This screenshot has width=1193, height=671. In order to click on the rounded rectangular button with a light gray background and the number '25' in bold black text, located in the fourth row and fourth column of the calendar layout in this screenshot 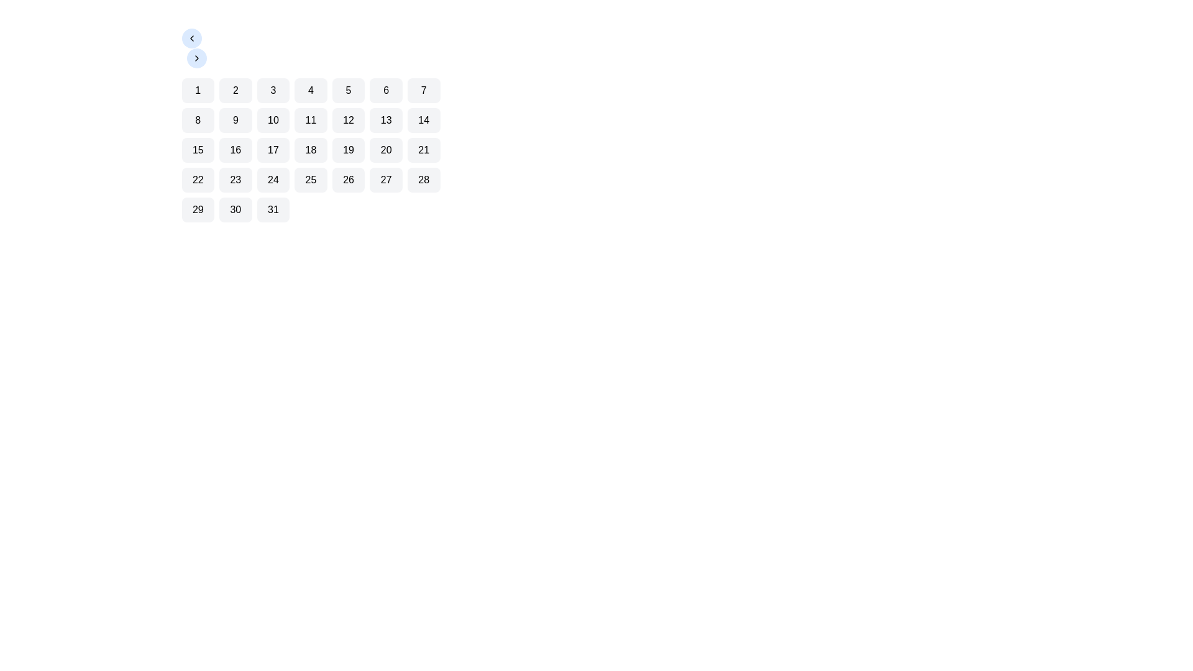, I will do `click(311, 180)`.